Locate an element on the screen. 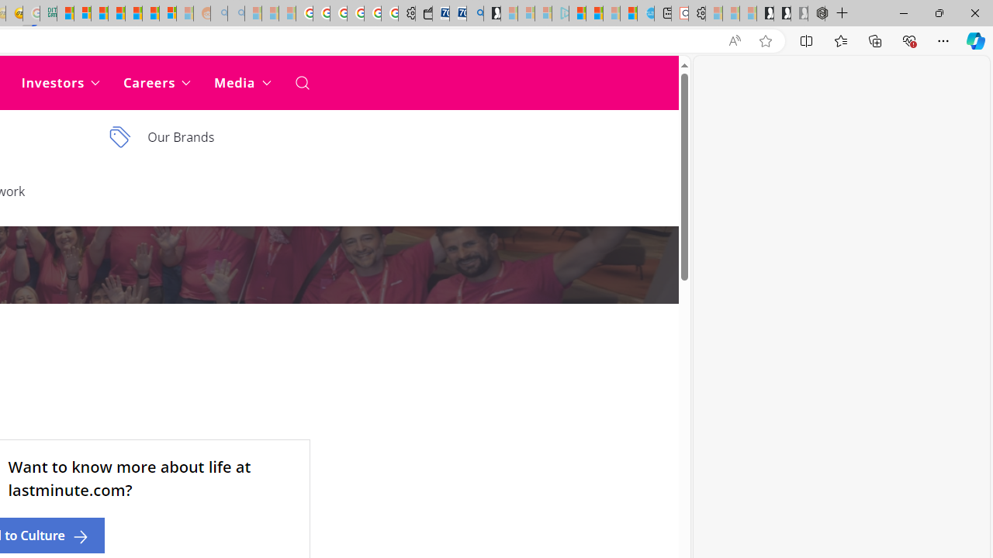 Image resolution: width=993 pixels, height=558 pixels. 'Media' is located at coordinates (241, 82).